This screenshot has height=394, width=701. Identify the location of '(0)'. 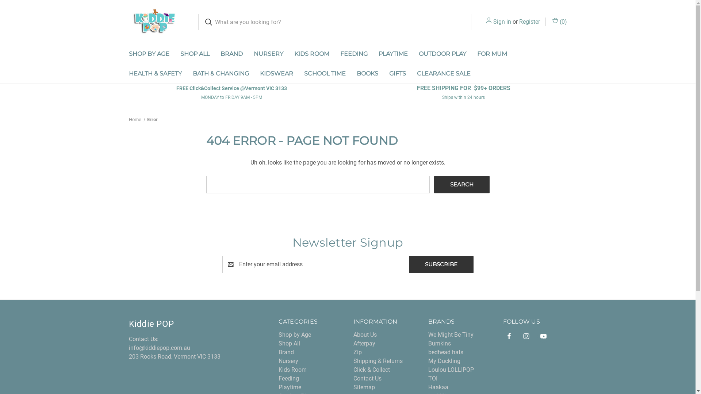
(551, 22).